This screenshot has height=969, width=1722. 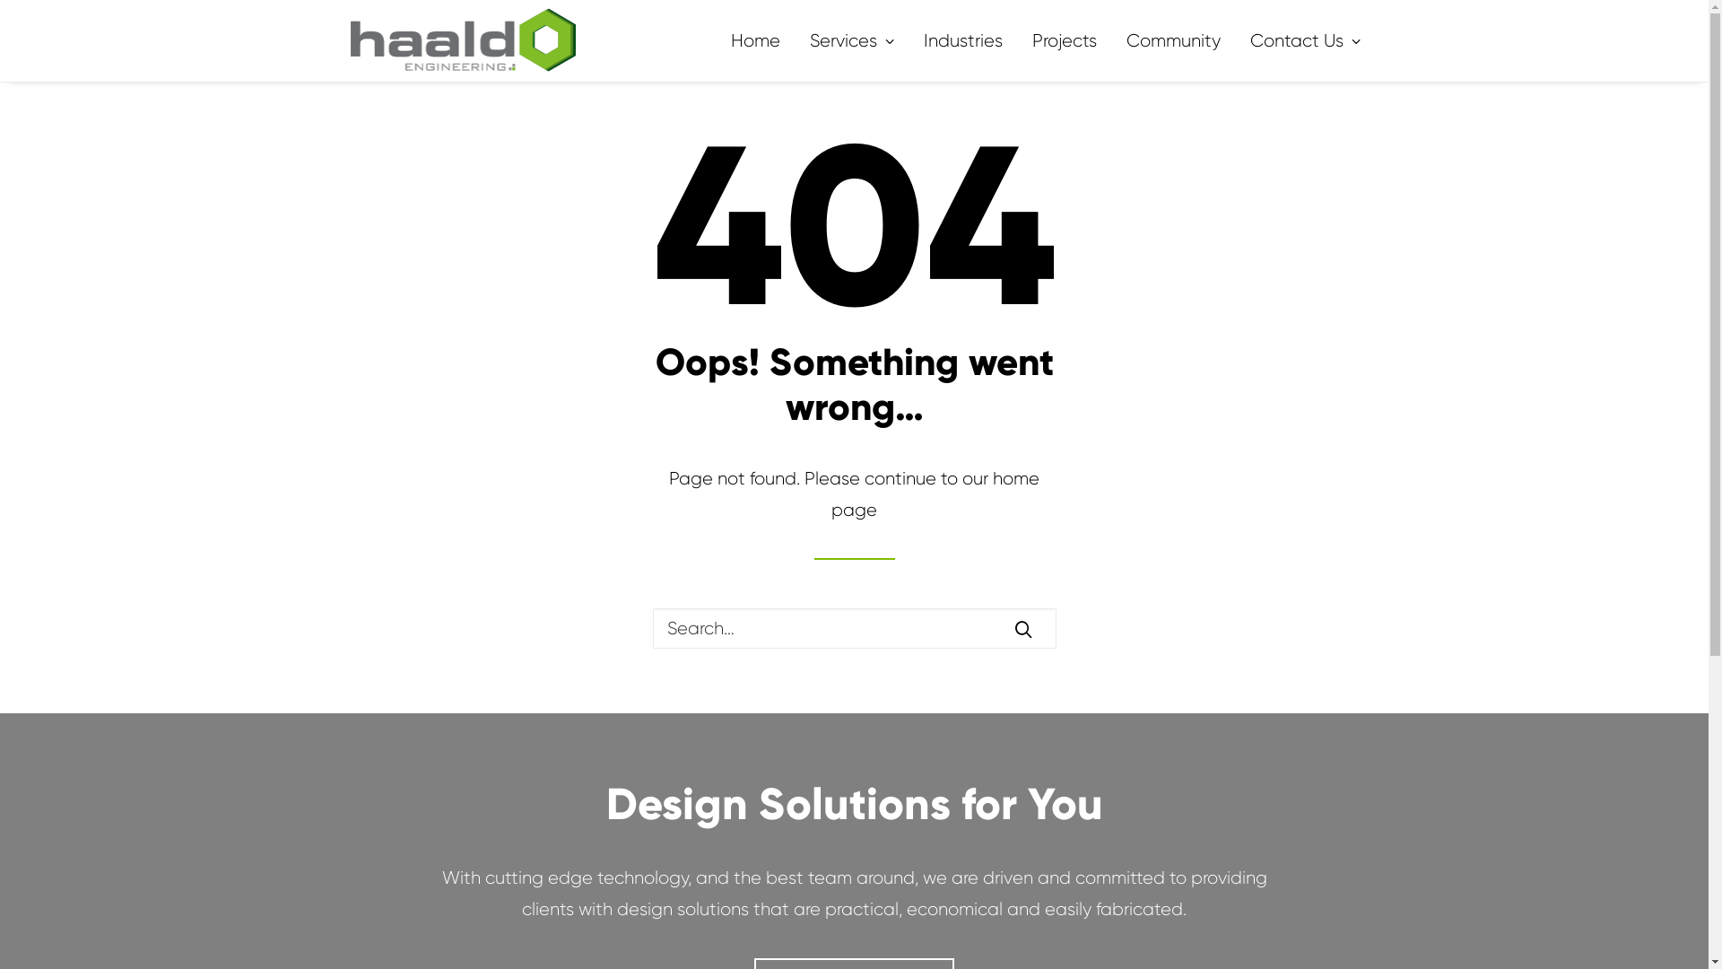 What do you see at coordinates (1173, 40) in the screenshot?
I see `'Community'` at bounding box center [1173, 40].